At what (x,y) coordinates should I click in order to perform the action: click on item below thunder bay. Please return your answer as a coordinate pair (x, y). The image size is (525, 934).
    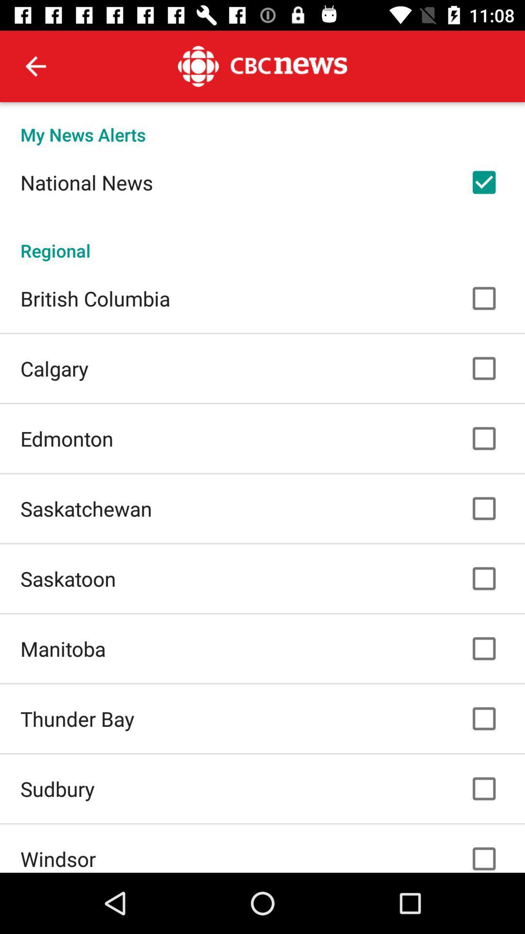
    Looking at the image, I should click on (57, 789).